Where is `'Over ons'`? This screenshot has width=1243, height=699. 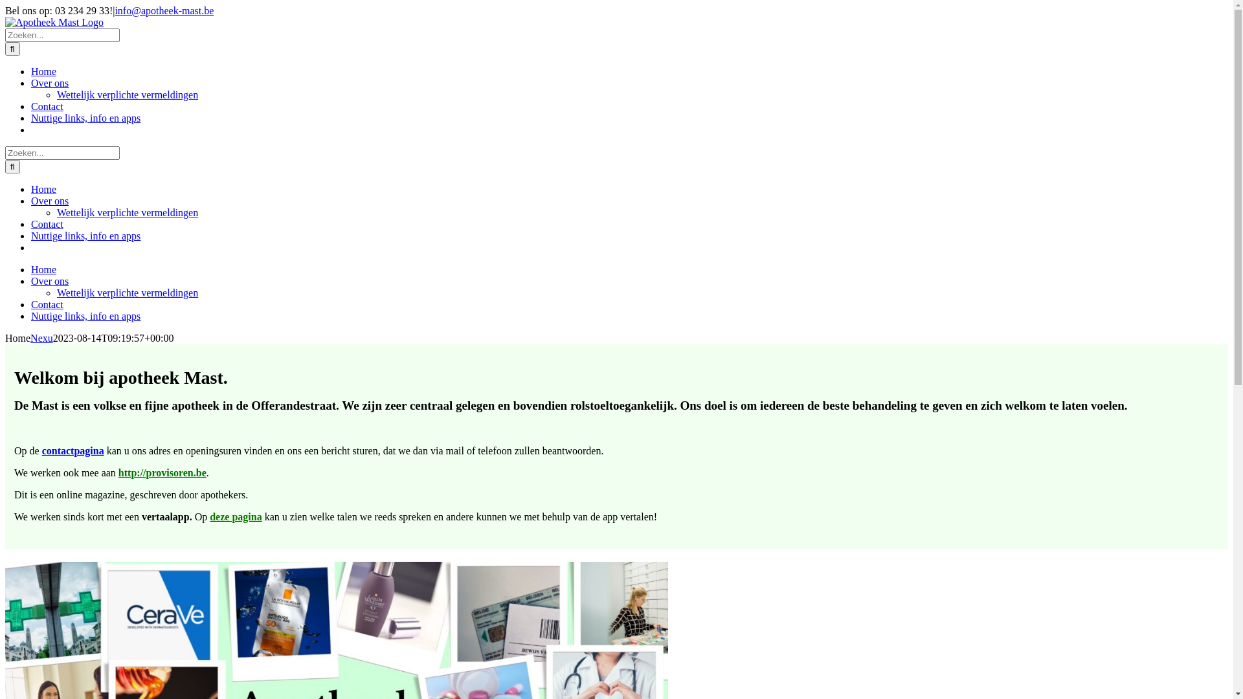 'Over ons' is located at coordinates (49, 83).